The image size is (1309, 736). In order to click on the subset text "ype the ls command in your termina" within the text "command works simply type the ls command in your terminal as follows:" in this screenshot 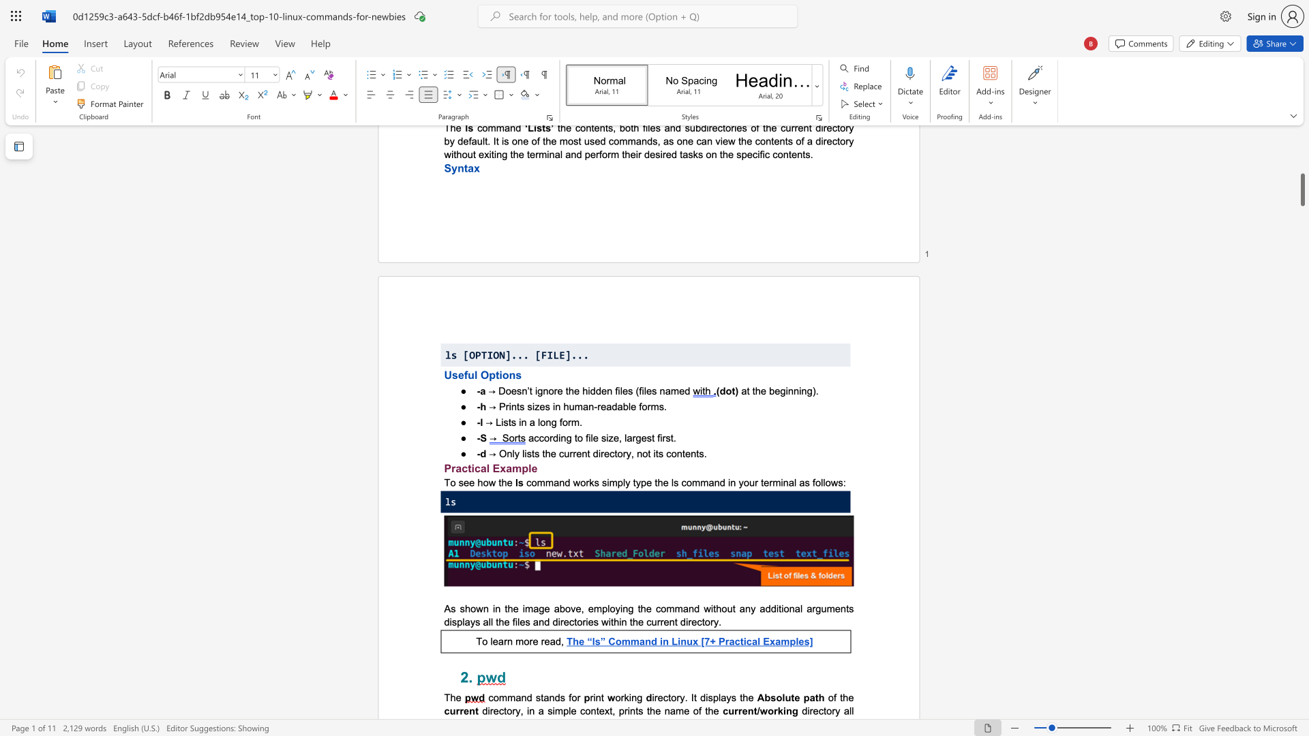, I will do `click(635, 482)`.